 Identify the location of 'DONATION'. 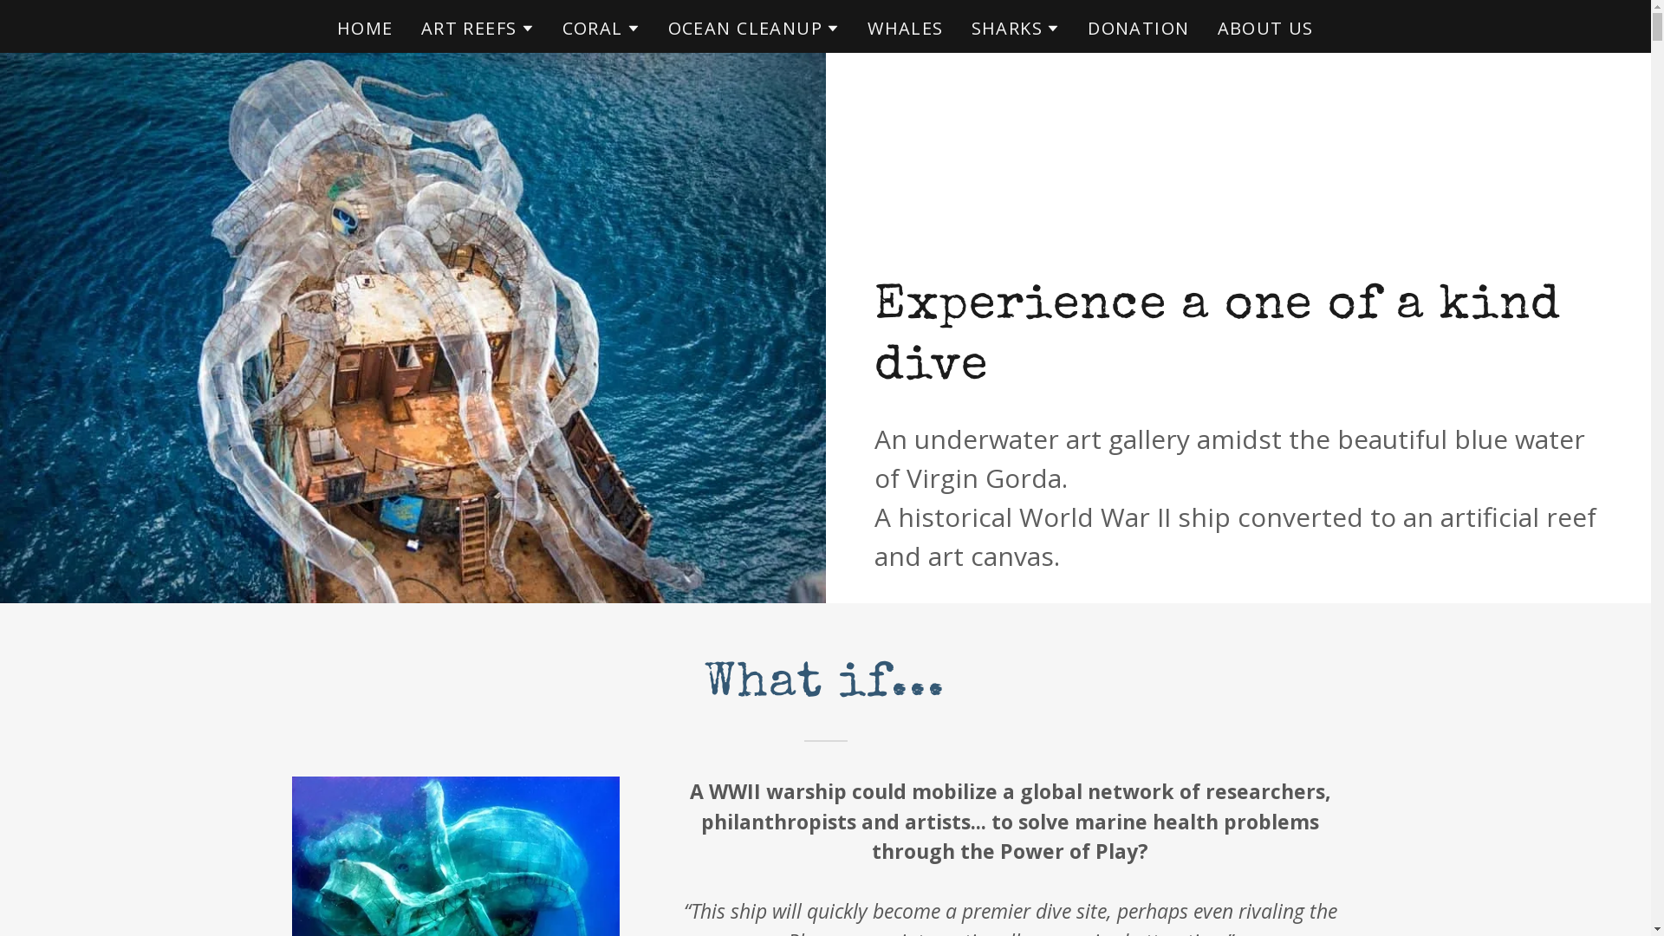
(1138, 29).